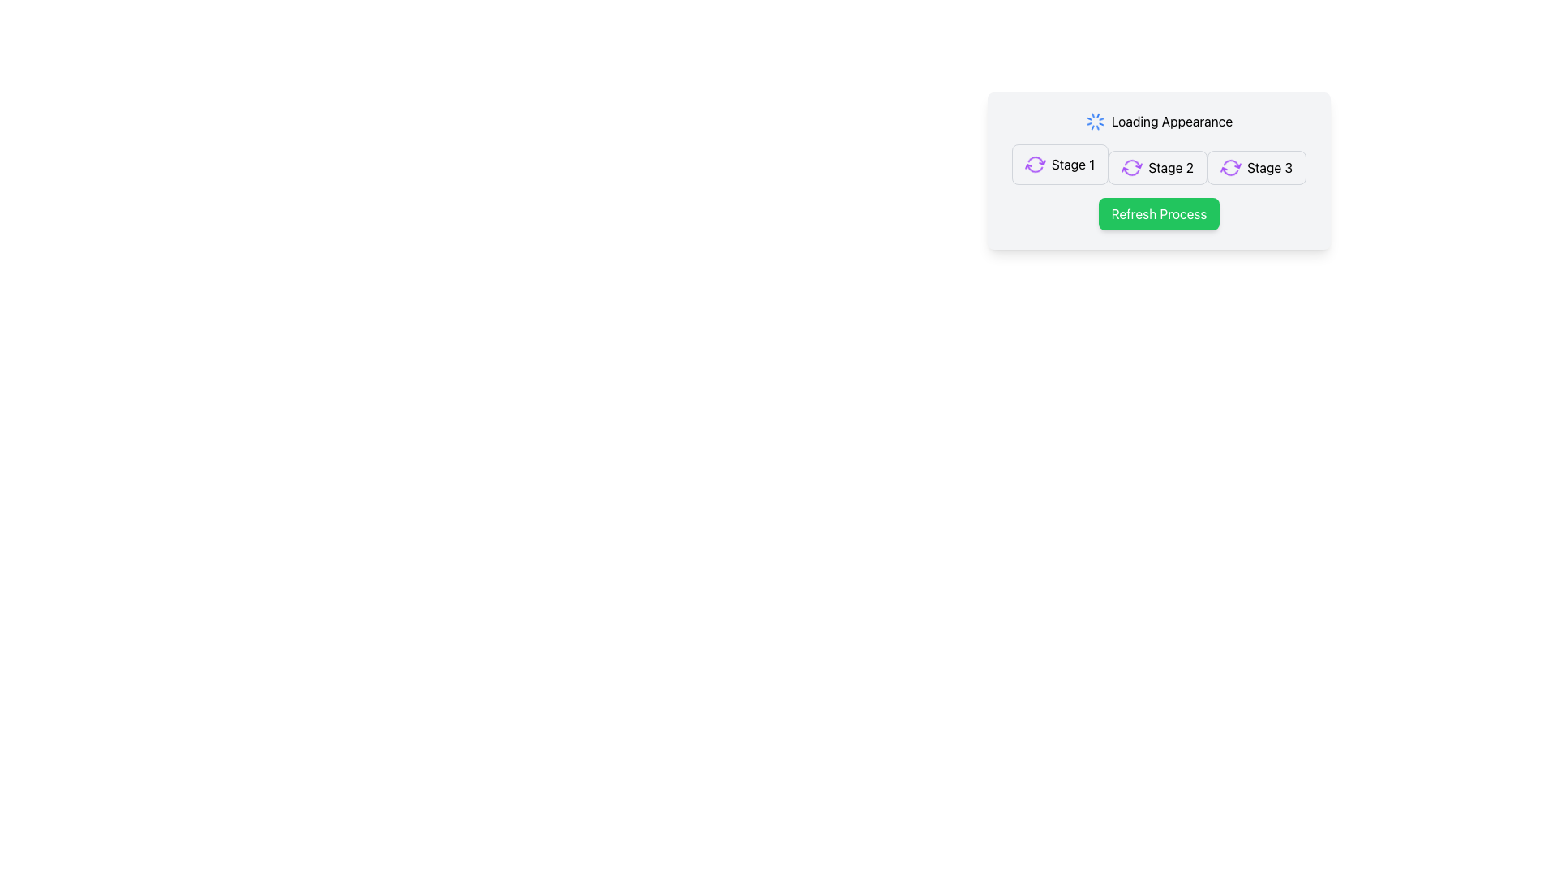 This screenshot has width=1557, height=876. What do you see at coordinates (1256, 168) in the screenshot?
I see `the 'Stage 3' button, which is a rectangular button with a light border and a purple refresh icon, located at the rightmost position in a row of similar buttons` at bounding box center [1256, 168].